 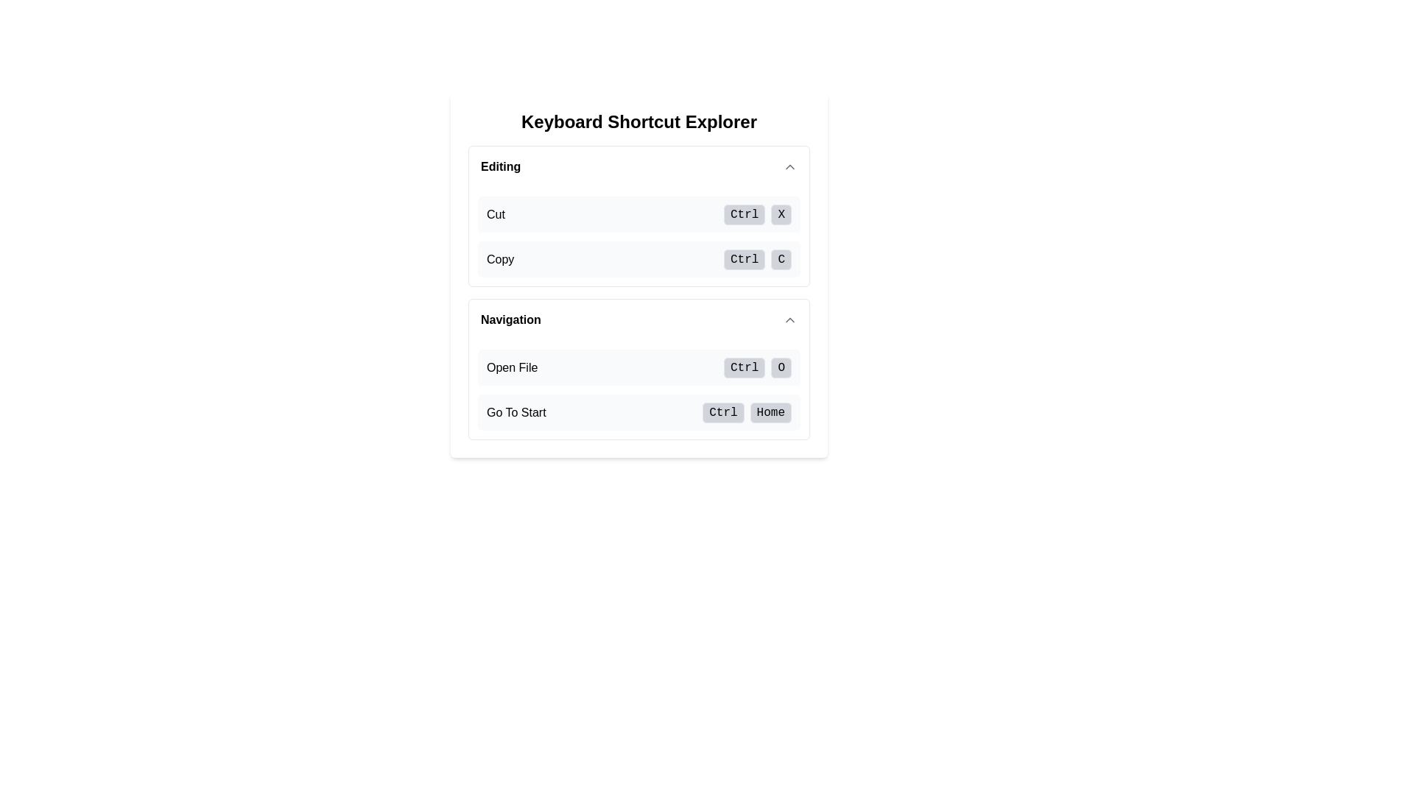 What do you see at coordinates (781, 215) in the screenshot?
I see `the 'X' keyboard shortcut key button-like text label that represents the cut action, located to the right of the 'Ctrl' element in the 'Keyboard Shortcut Explorer' interface` at bounding box center [781, 215].